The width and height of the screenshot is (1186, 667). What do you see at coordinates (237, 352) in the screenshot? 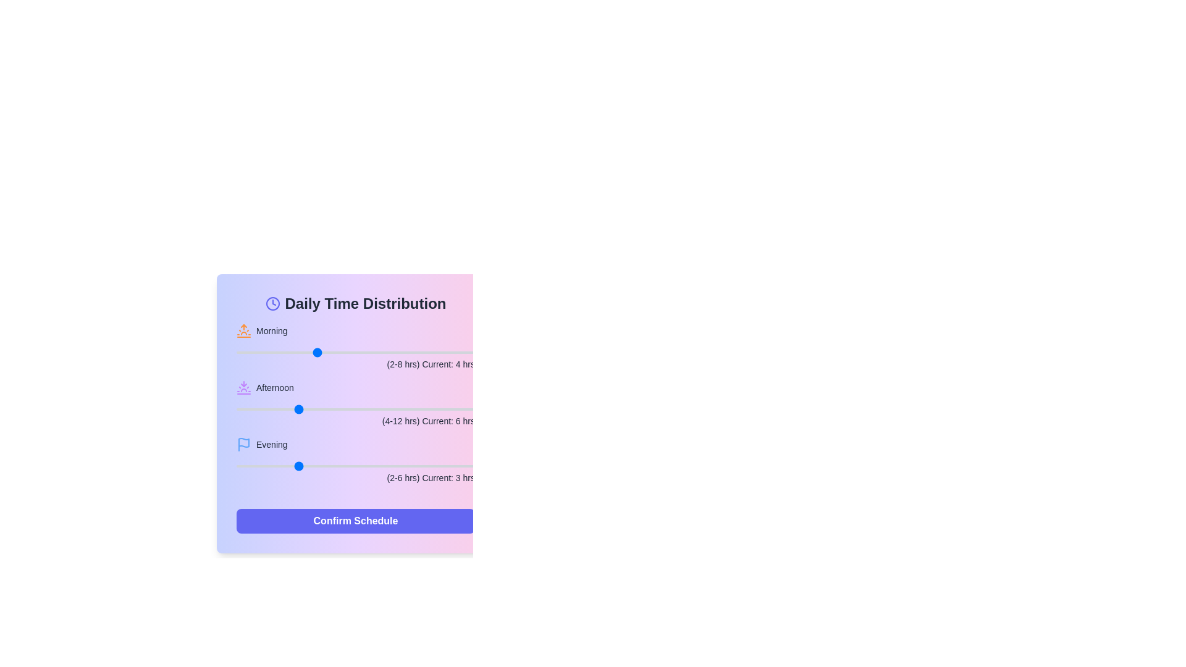
I see `the slider for morning hours` at bounding box center [237, 352].